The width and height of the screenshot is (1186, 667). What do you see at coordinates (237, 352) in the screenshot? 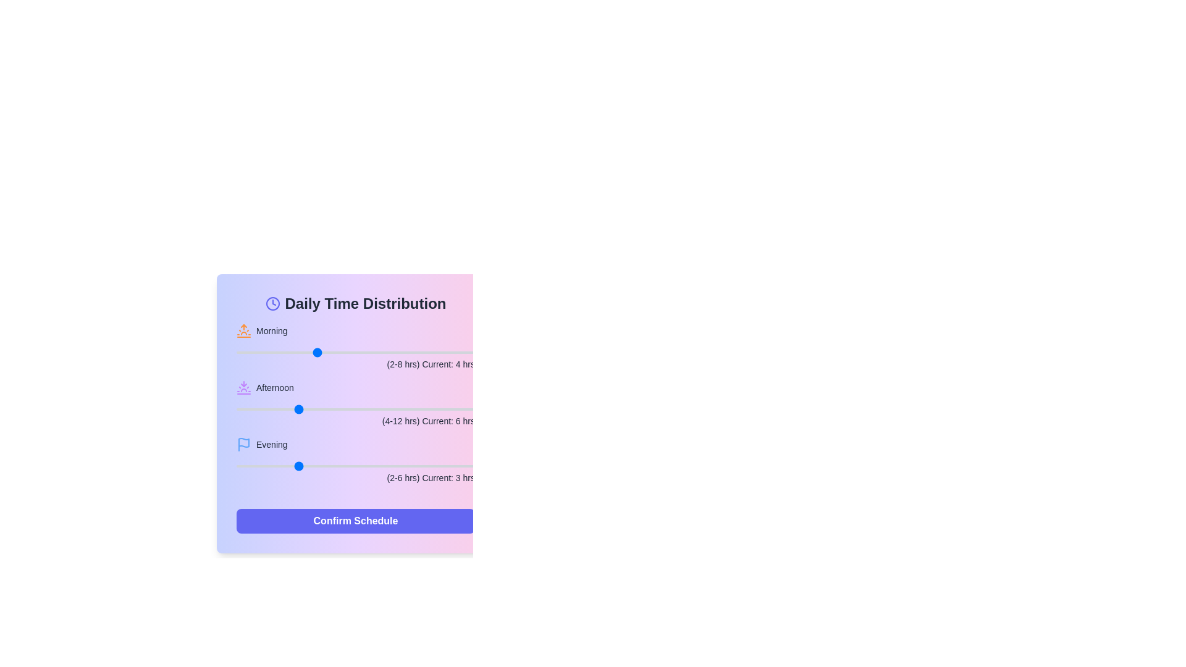
I see `the slider for morning hours` at bounding box center [237, 352].